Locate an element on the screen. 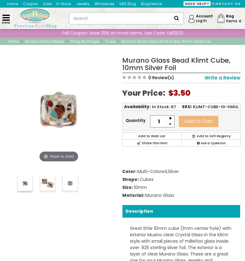  'Review(s)' is located at coordinates (162, 77).